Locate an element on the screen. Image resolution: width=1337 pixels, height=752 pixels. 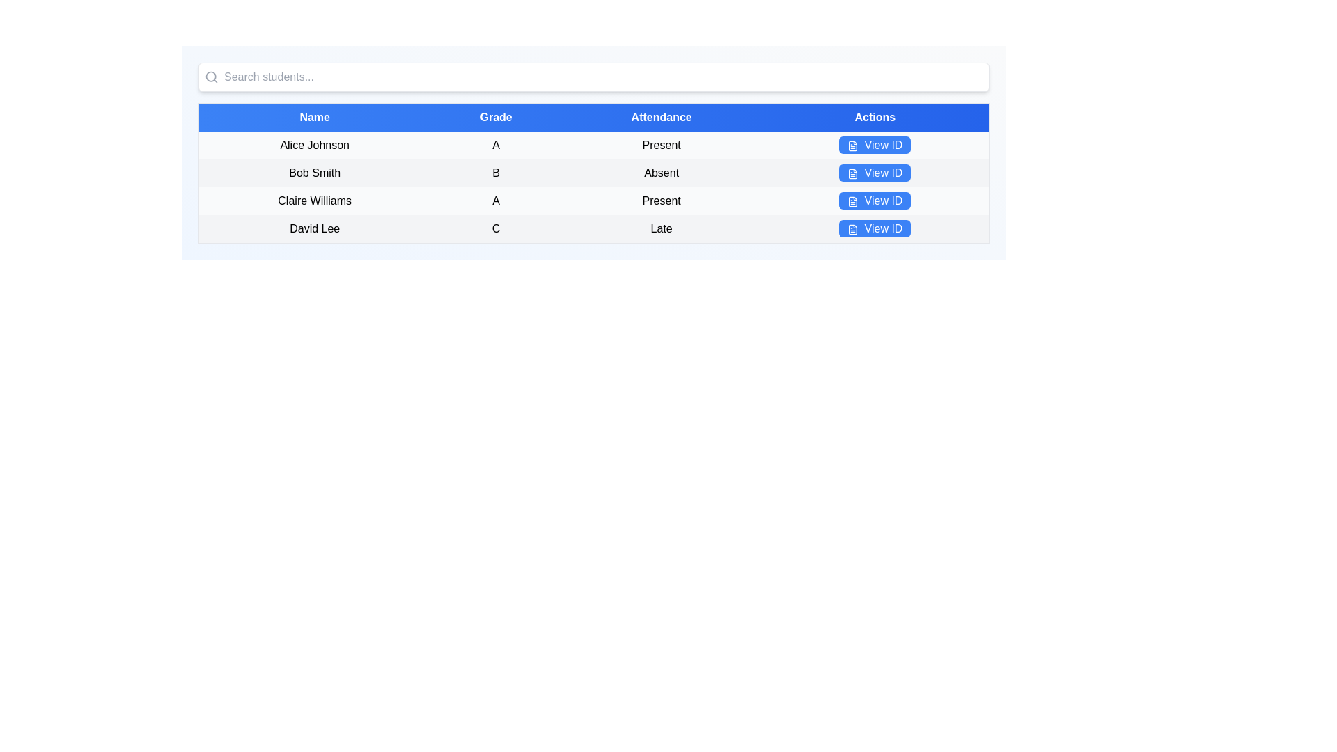
the Static Text Label indicating attendance status for Alice Johnson, which is located in the 'Attendance' column of the table and positioned third among four elements in the same row is located at coordinates (661, 145).